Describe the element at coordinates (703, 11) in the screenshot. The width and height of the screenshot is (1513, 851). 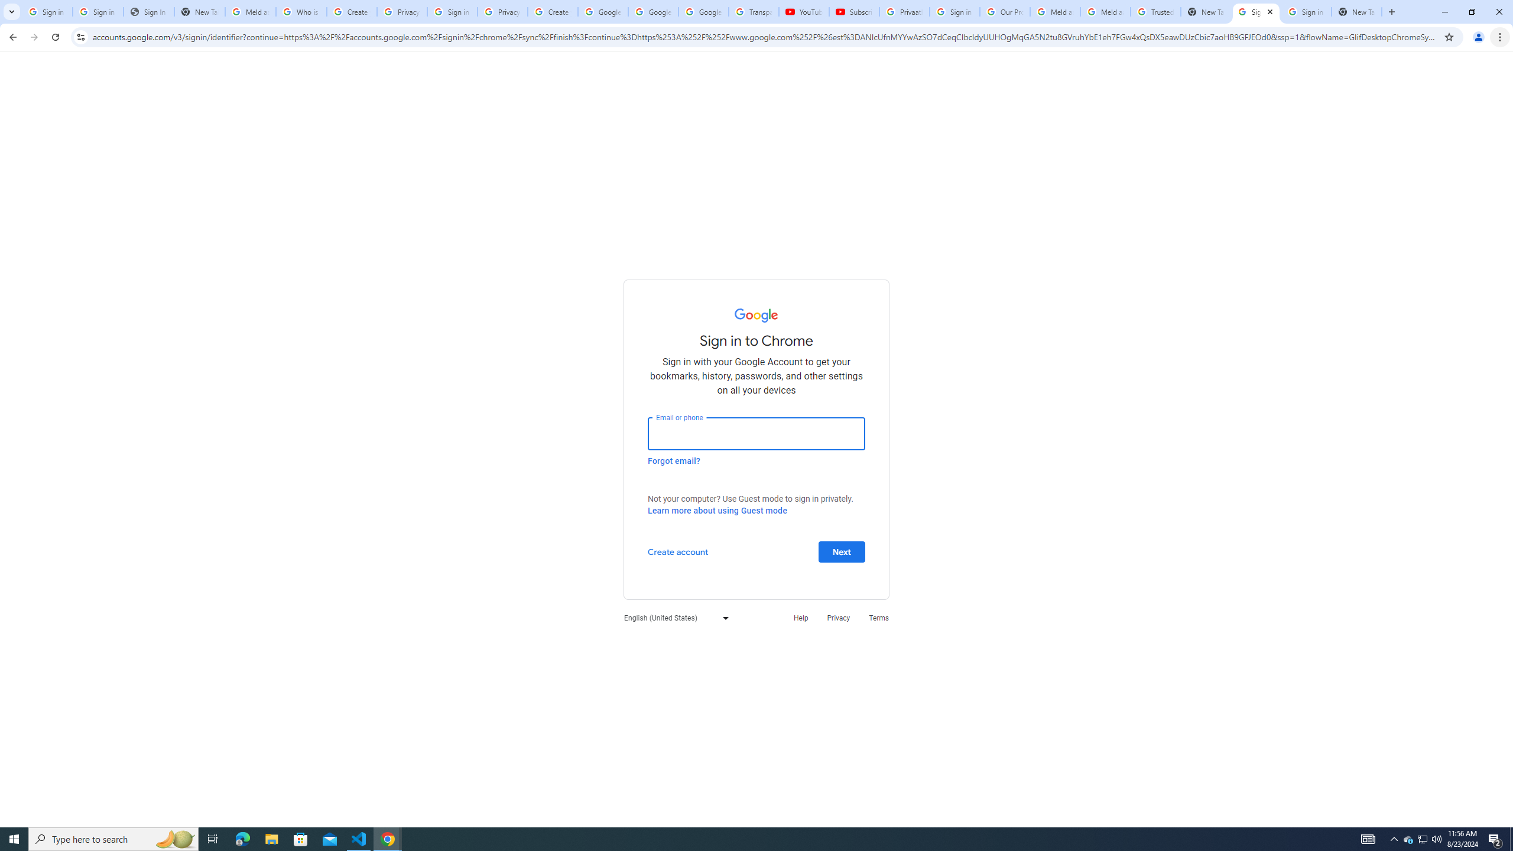
I see `'Google Account'` at that location.